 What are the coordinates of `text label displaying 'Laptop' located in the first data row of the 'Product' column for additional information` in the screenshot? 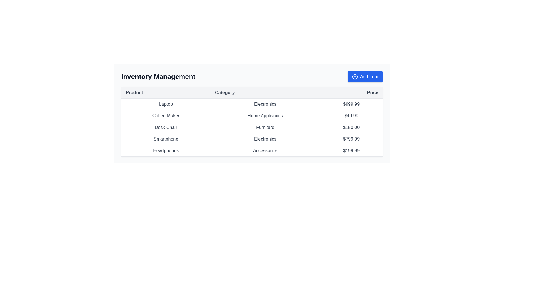 It's located at (165, 104).